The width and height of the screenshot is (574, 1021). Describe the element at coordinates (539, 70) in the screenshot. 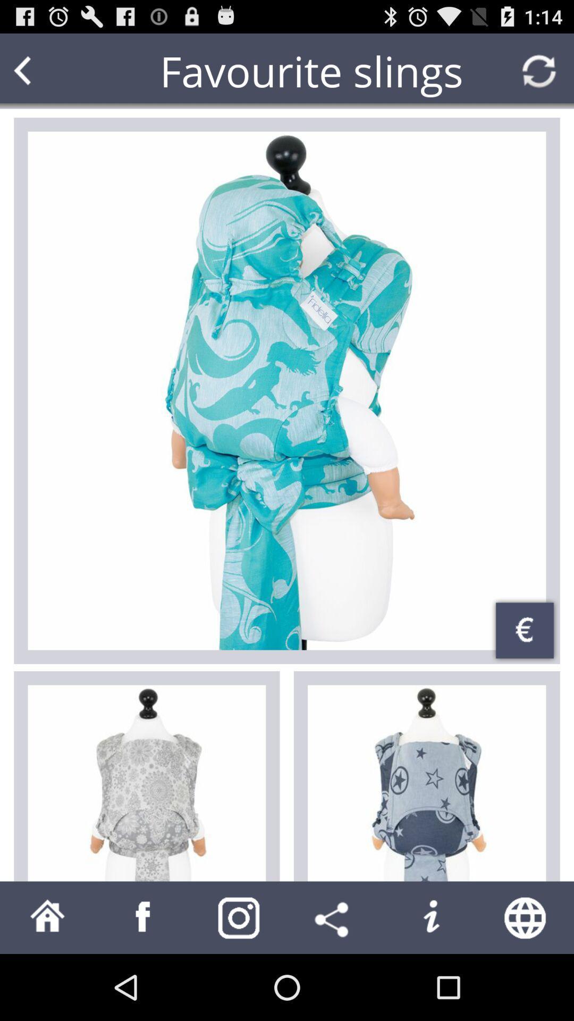

I see `reload page` at that location.